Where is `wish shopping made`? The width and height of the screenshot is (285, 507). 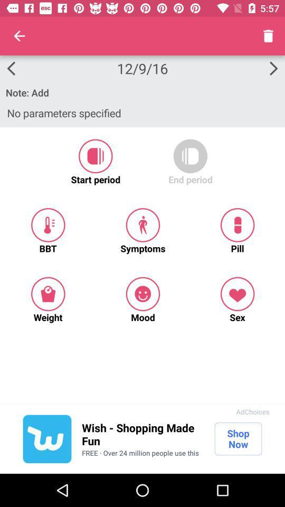 wish shopping made is located at coordinates (142, 434).